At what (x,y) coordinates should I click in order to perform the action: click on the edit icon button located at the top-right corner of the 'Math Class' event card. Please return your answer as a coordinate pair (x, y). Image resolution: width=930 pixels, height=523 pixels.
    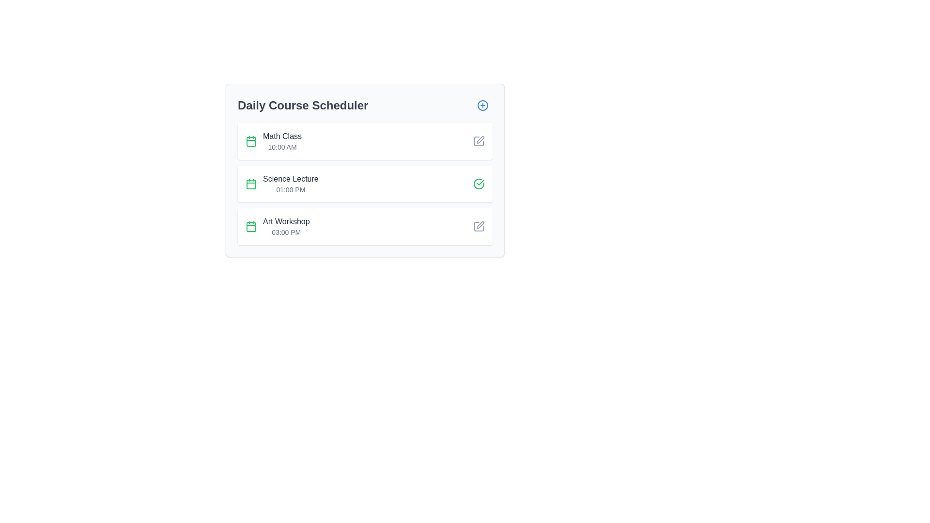
    Looking at the image, I should click on (479, 141).